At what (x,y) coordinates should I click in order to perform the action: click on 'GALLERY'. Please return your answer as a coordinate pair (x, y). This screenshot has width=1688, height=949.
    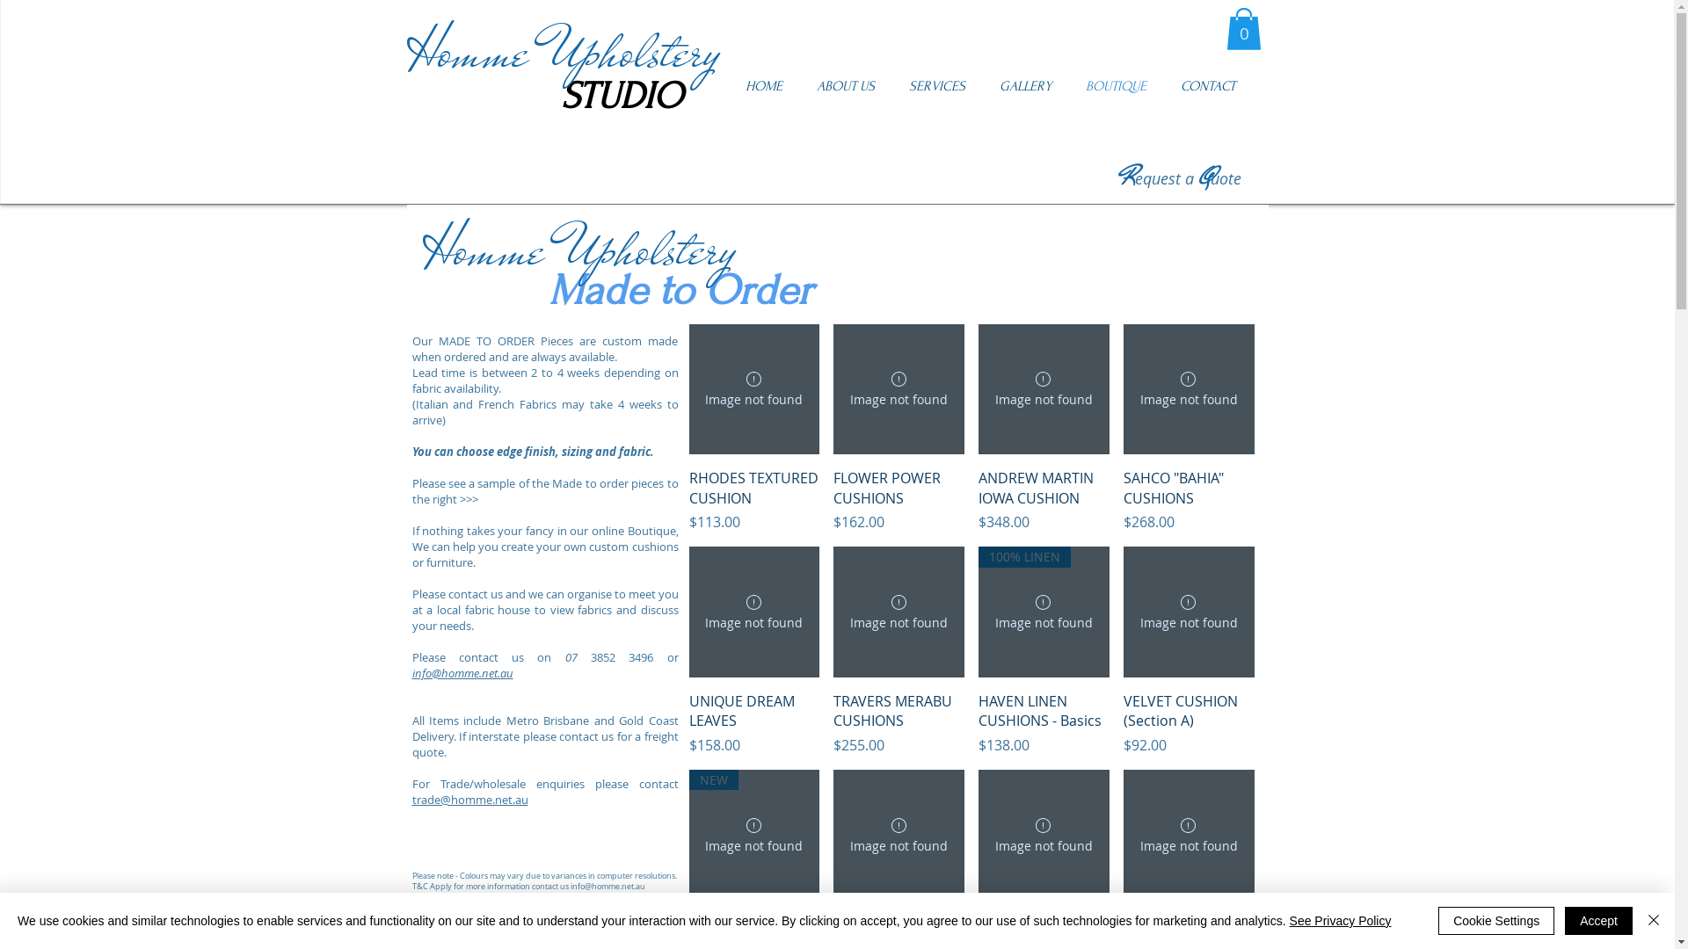
    Looking at the image, I should click on (990, 86).